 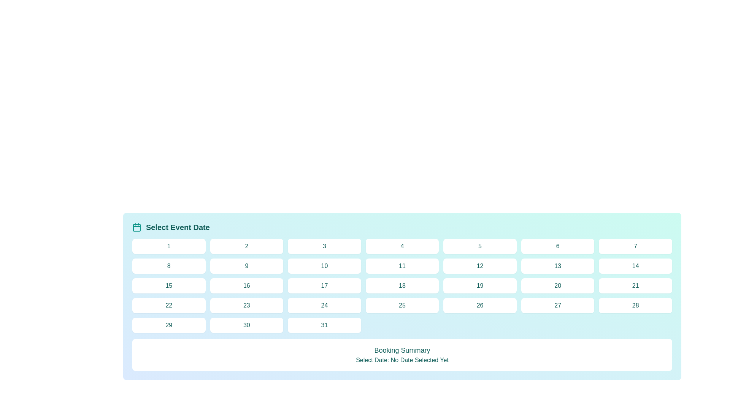 I want to click on the button displaying the number '20', which is located, so click(x=558, y=285).